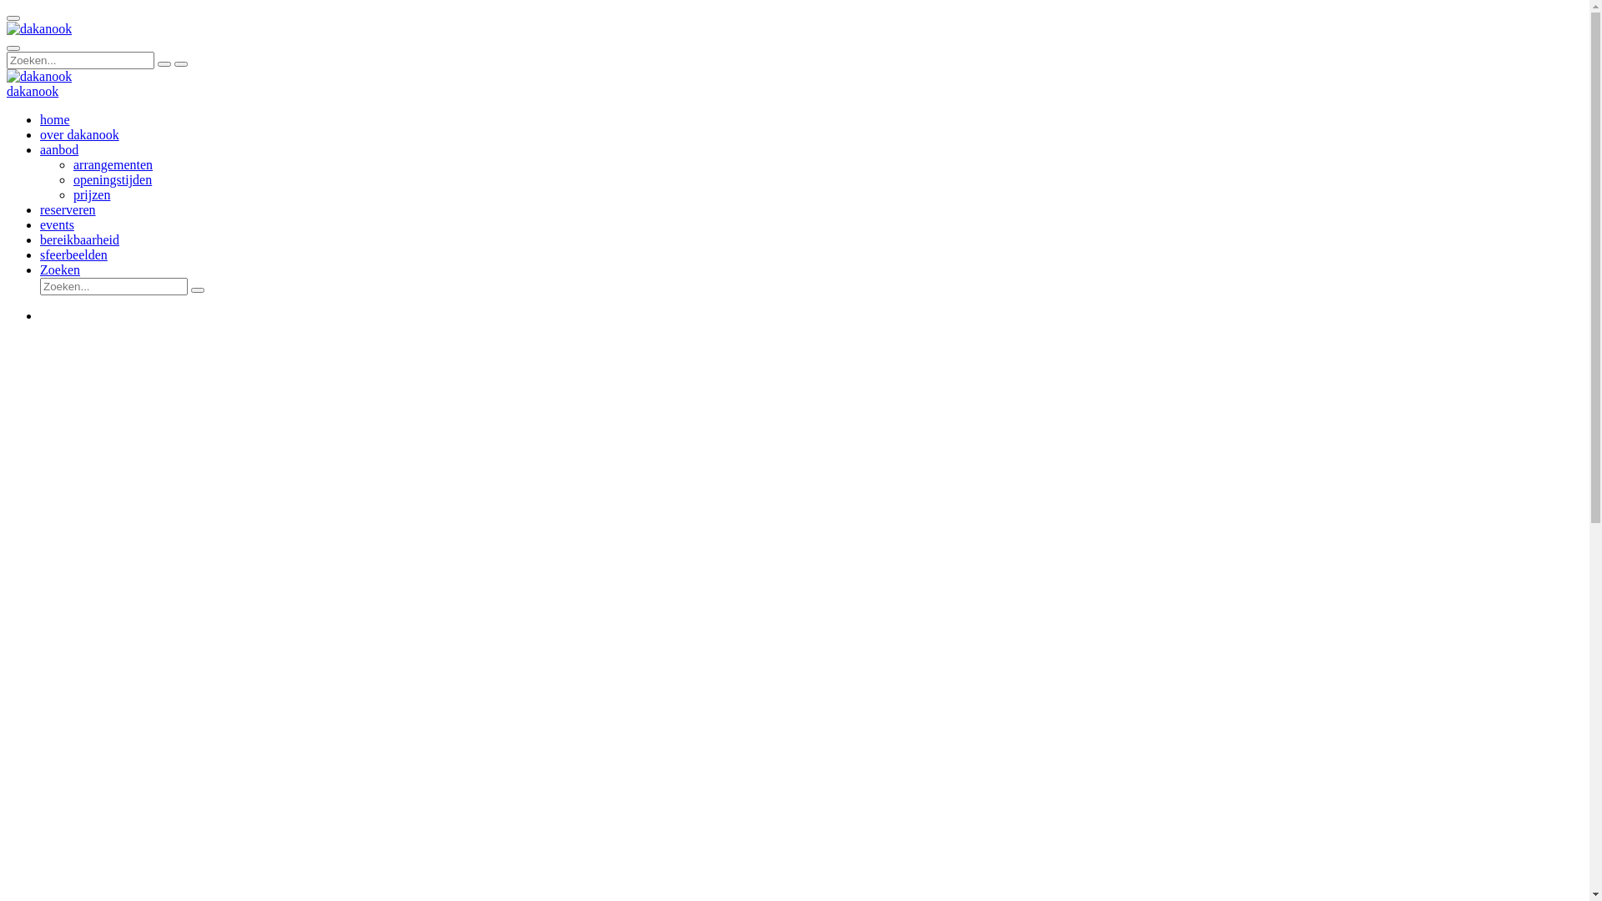 The image size is (1602, 901). I want to click on 'openingstijden', so click(72, 179).